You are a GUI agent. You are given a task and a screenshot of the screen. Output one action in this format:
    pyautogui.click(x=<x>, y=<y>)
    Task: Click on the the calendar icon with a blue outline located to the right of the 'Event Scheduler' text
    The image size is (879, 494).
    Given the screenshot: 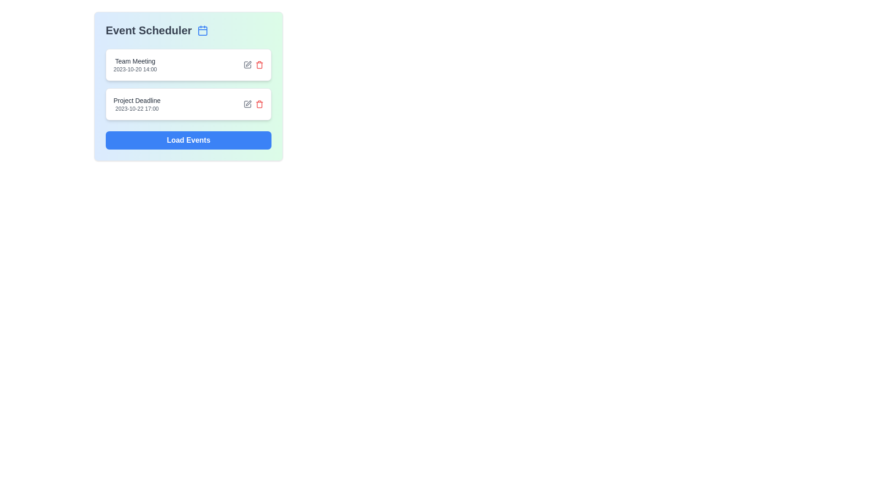 What is the action you would take?
    pyautogui.click(x=202, y=30)
    